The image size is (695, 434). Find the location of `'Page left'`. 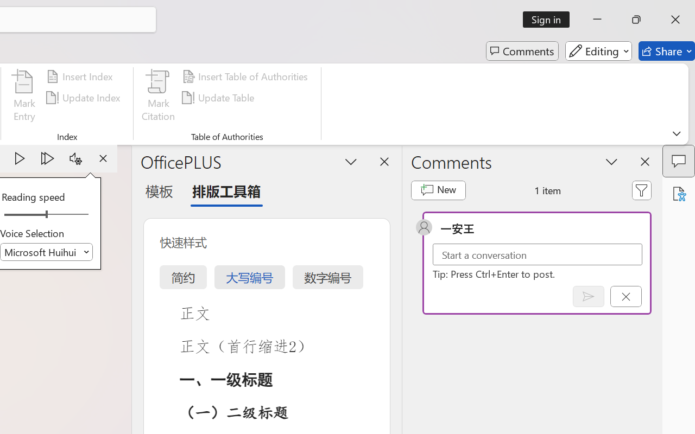

'Page left' is located at coordinates (22, 214).